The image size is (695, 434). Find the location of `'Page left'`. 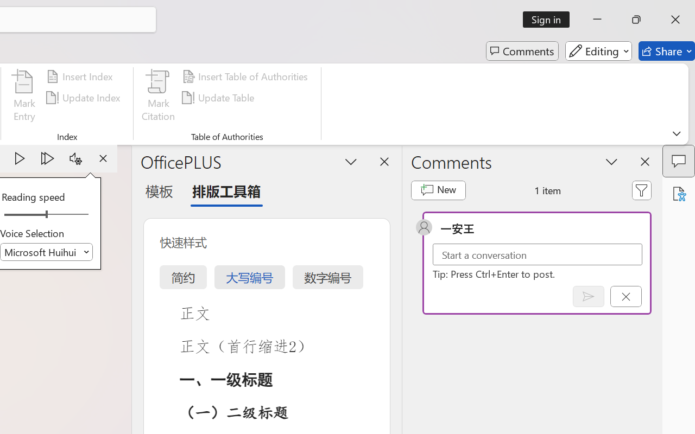

'Page left' is located at coordinates (22, 214).